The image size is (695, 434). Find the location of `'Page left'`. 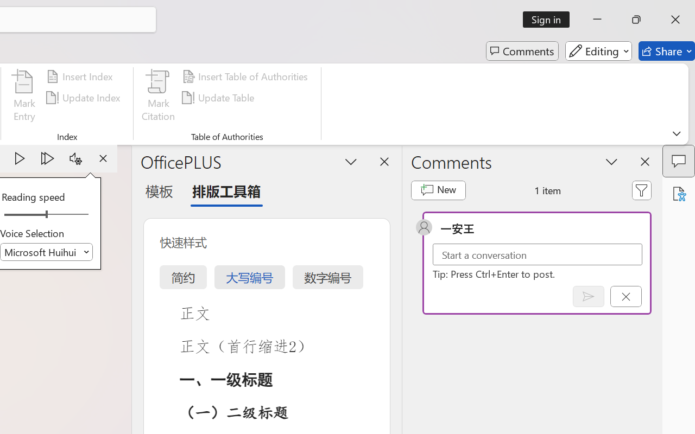

'Page left' is located at coordinates (22, 214).